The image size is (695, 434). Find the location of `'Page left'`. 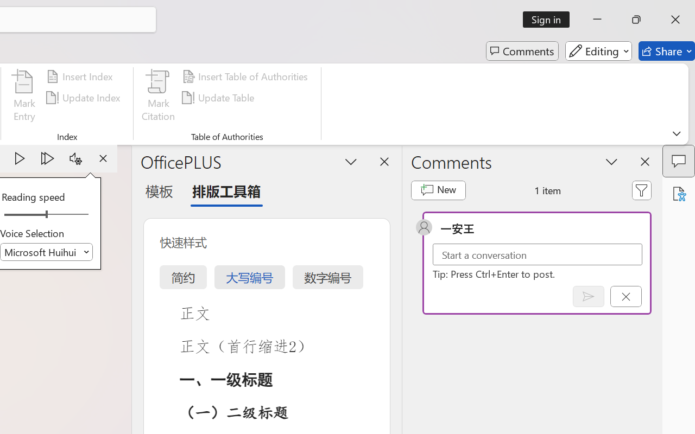

'Page left' is located at coordinates (22, 214).